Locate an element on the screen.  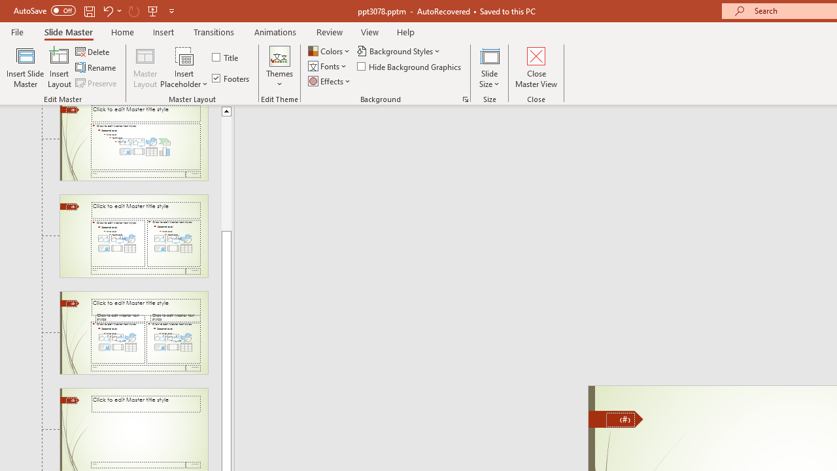
'From Beginning' is located at coordinates (153, 10).